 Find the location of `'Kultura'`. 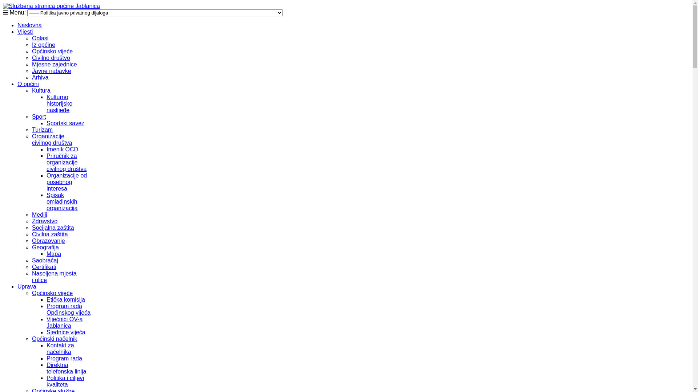

'Kultura' is located at coordinates (41, 90).